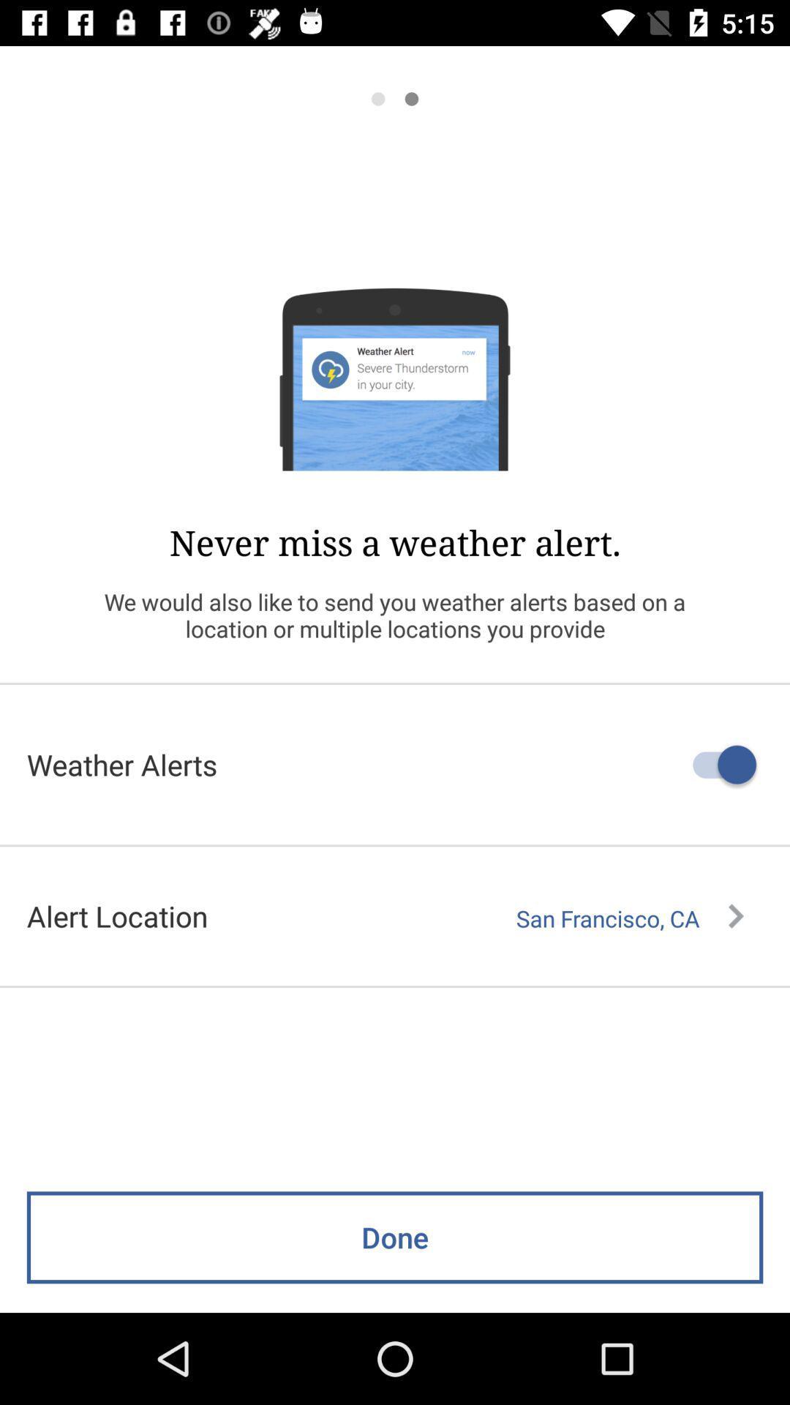 This screenshot has width=790, height=1405. I want to click on the icon next to alert location, so click(629, 918).